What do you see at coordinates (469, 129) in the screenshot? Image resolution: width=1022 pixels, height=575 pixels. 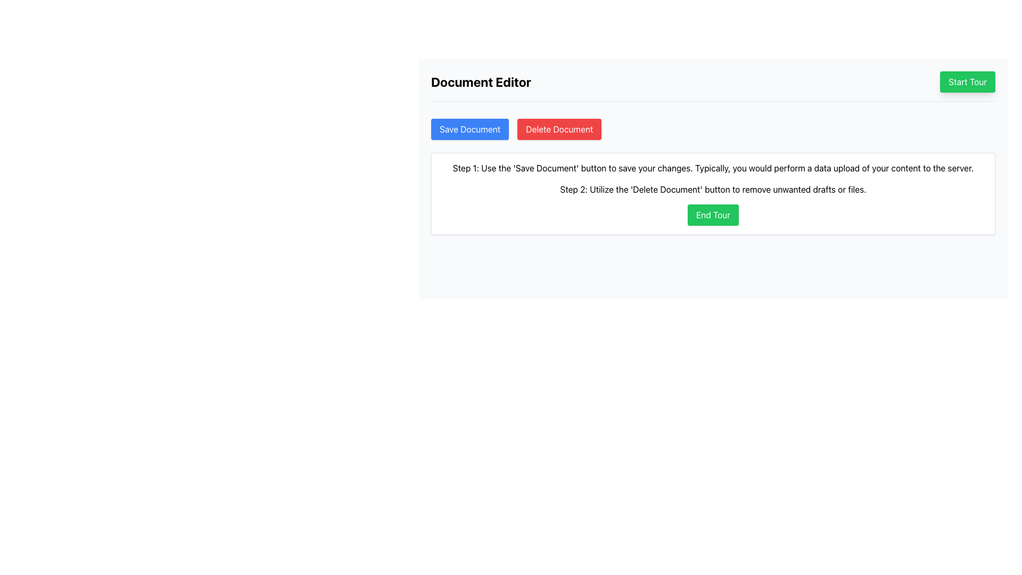 I see `the leftmost button in the horizontal group that is used to save the current document` at bounding box center [469, 129].